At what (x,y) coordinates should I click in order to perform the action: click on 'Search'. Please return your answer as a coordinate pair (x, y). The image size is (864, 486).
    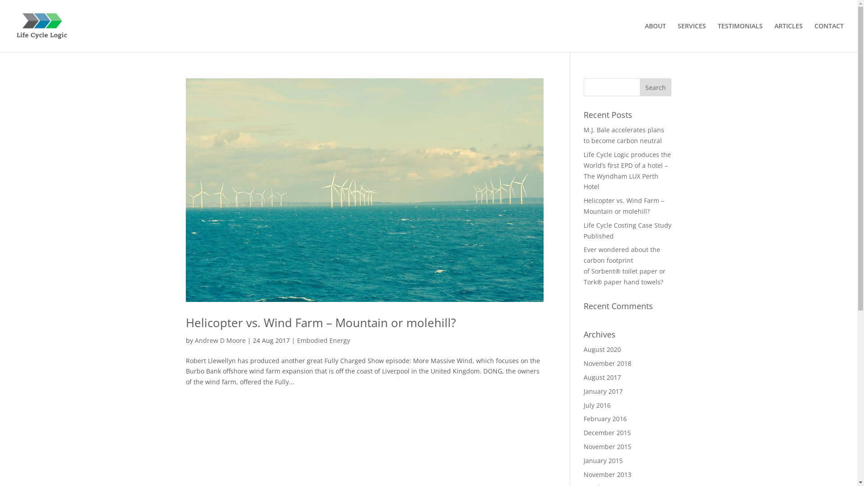
    Looking at the image, I should click on (656, 87).